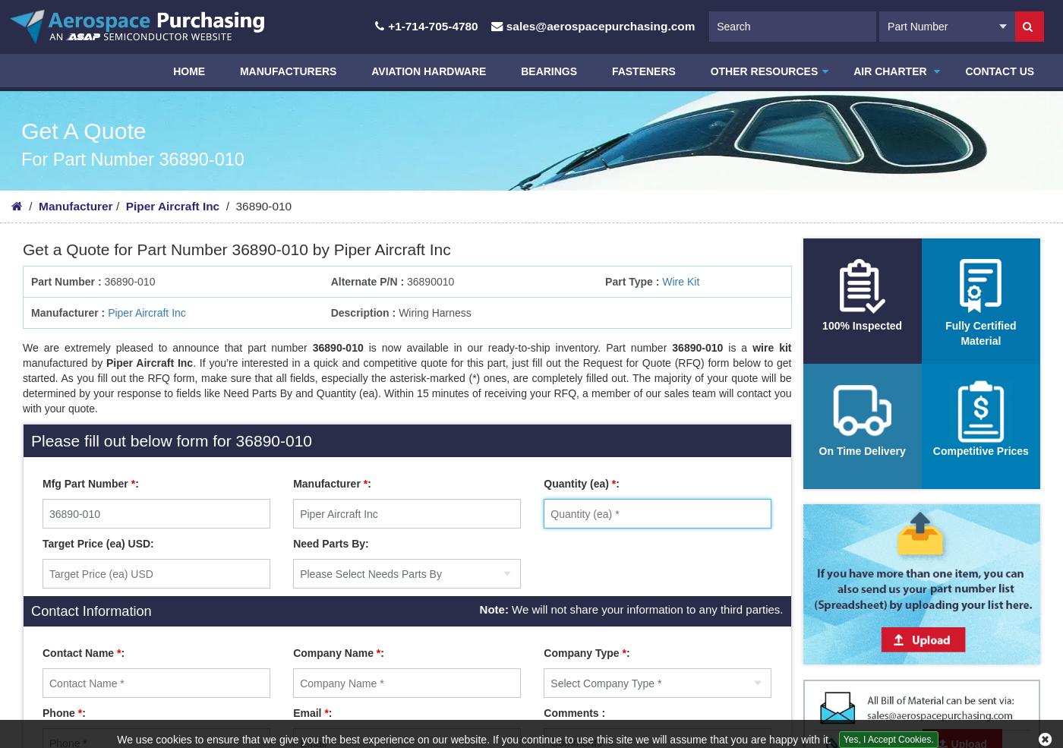  Describe the element at coordinates (432, 25) in the screenshot. I see `'+1-714-705-4780'` at that location.